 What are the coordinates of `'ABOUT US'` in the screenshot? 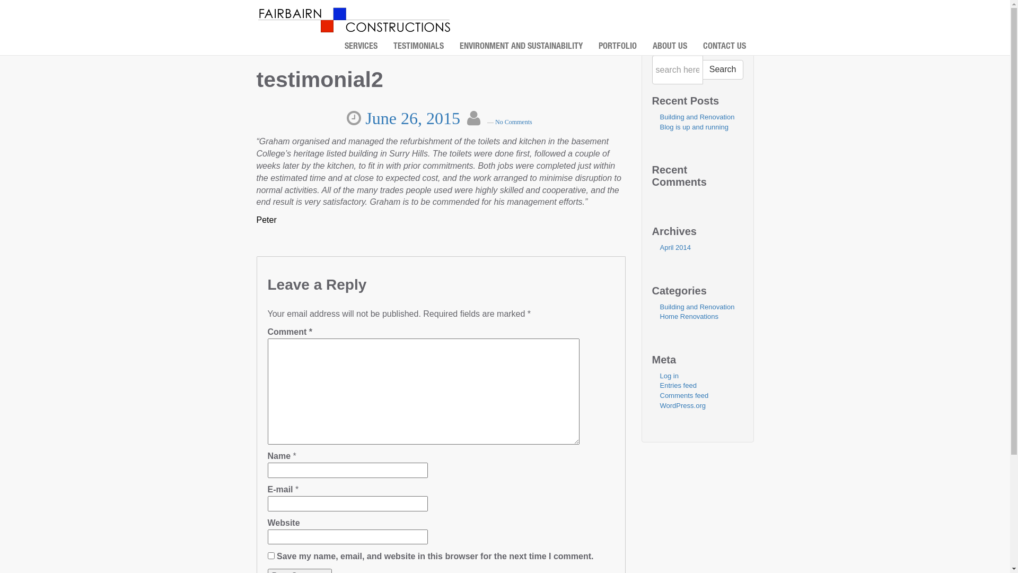 It's located at (669, 46).